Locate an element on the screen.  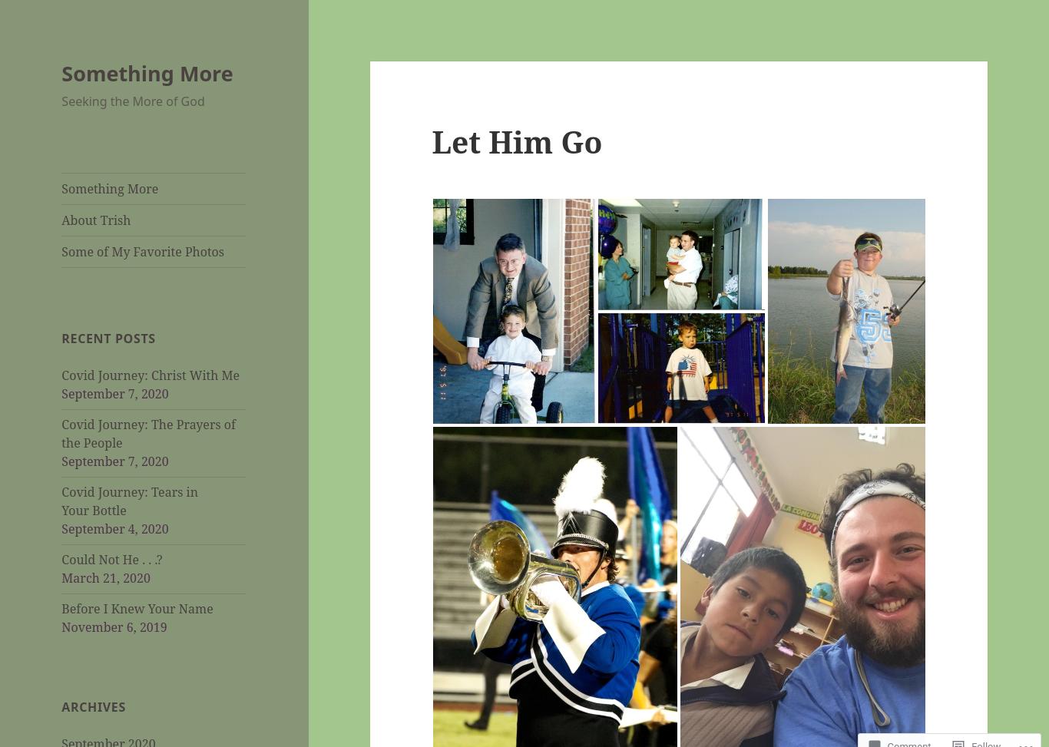
'Seeking the More of God' is located at coordinates (131, 101).